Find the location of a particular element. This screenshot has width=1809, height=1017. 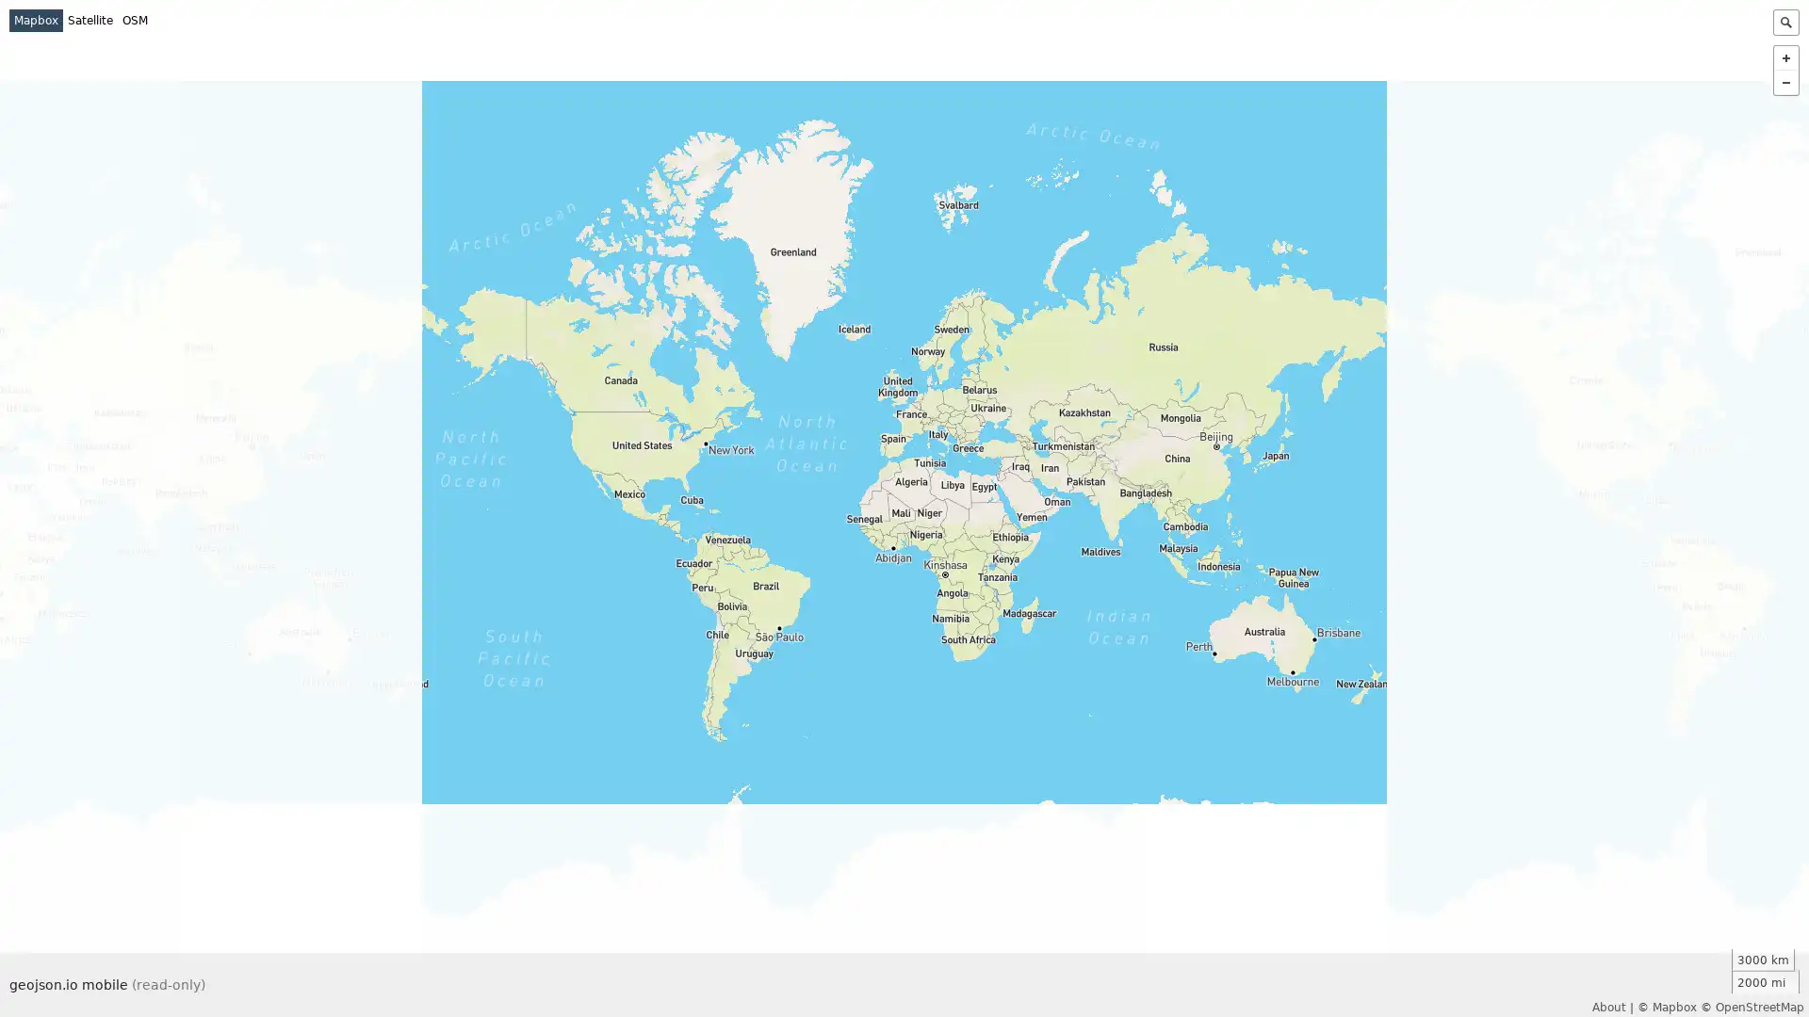

OSM is located at coordinates (134, 21).